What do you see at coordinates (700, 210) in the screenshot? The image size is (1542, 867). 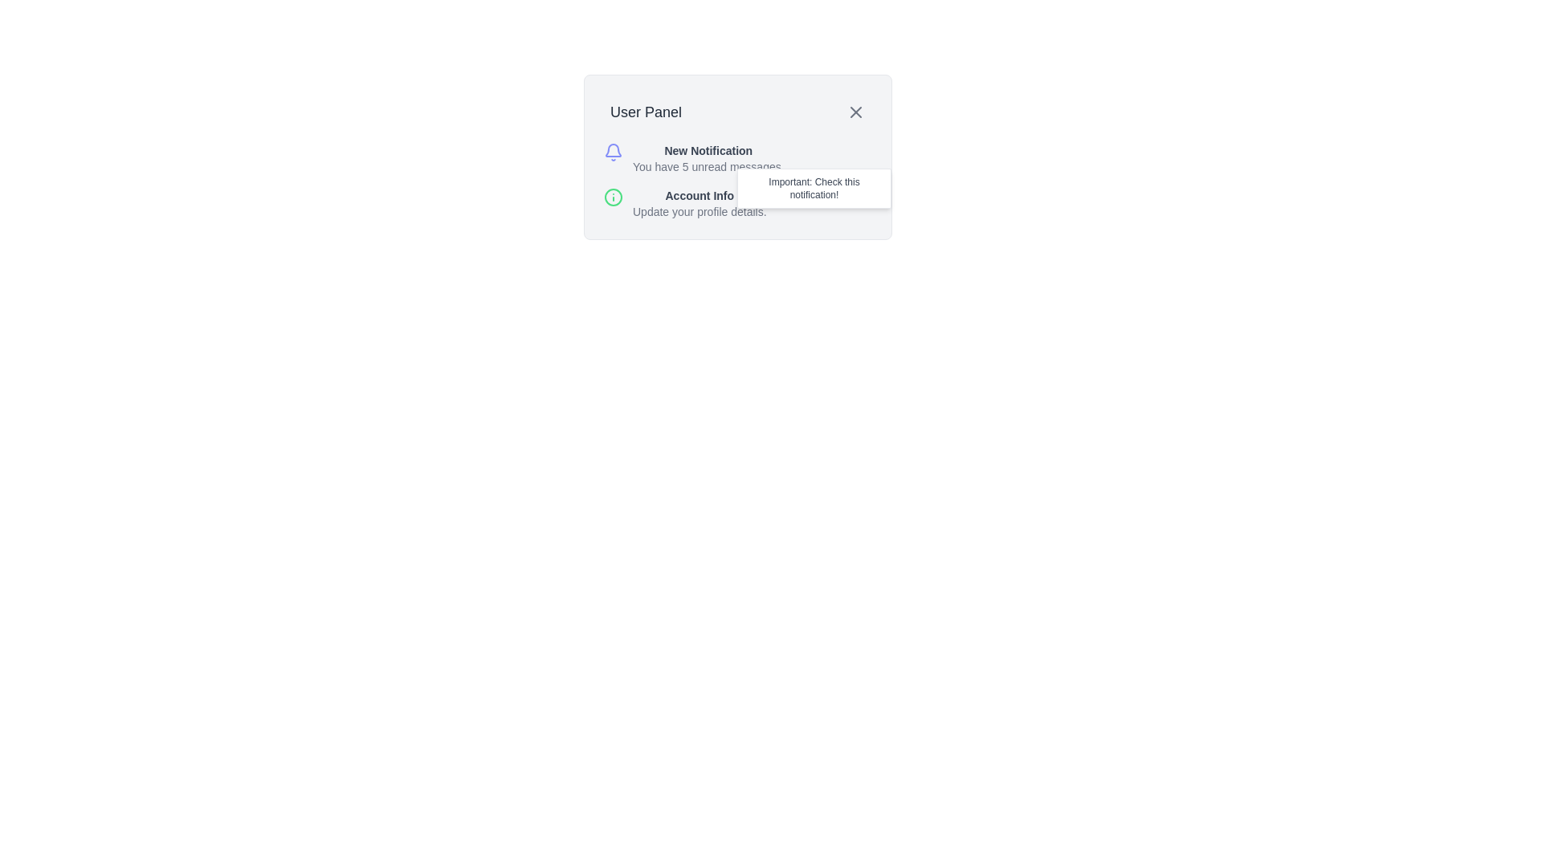 I see `the text label displaying 'Update your profile details.' which is styled in gray and located directly below 'Account Info.'` at bounding box center [700, 210].